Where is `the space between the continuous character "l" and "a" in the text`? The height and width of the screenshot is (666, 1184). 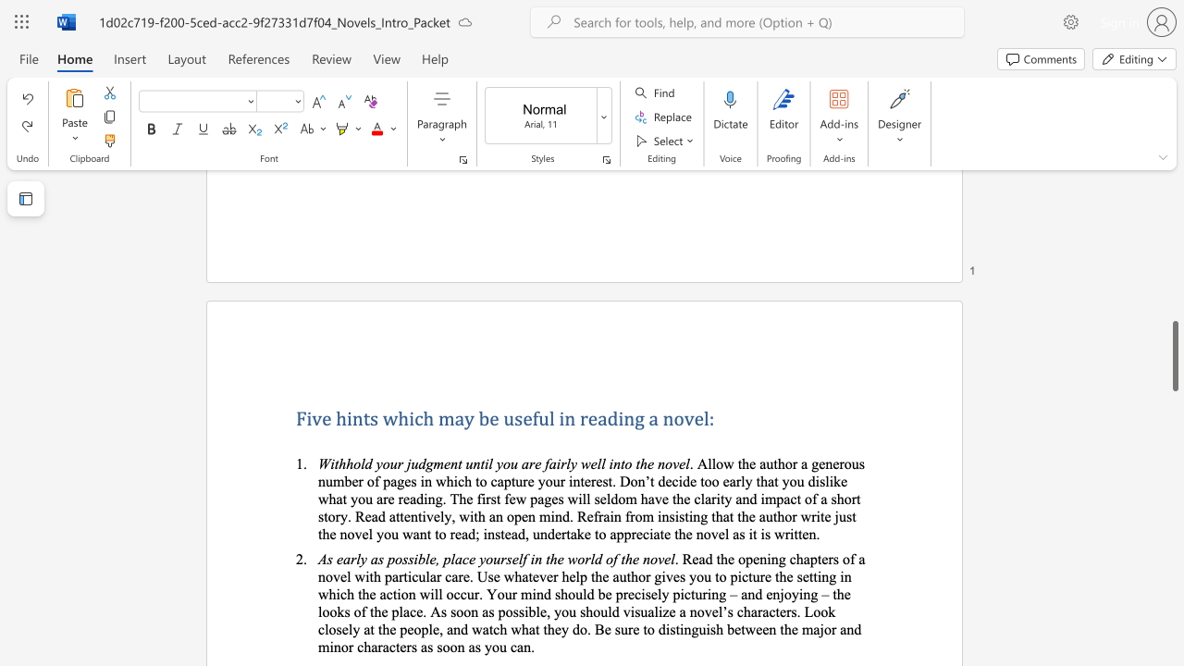 the space between the continuous character "l" and "a" in the text is located at coordinates (455, 558).